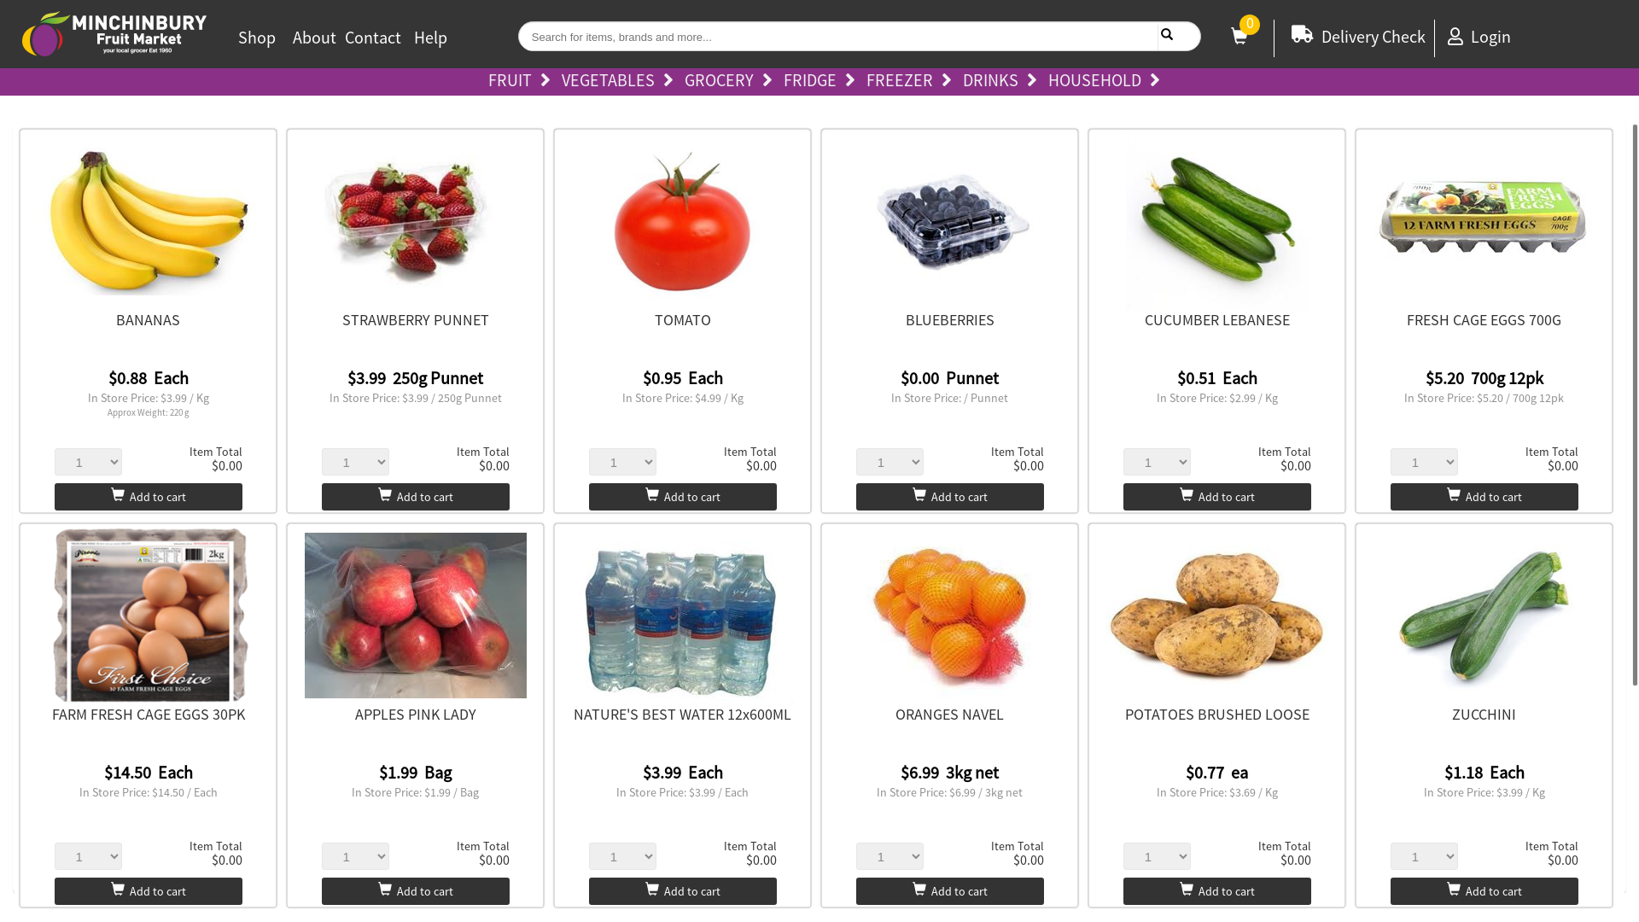  I want to click on 'Show details for STRAWBERRY PUNNET', so click(415, 219).